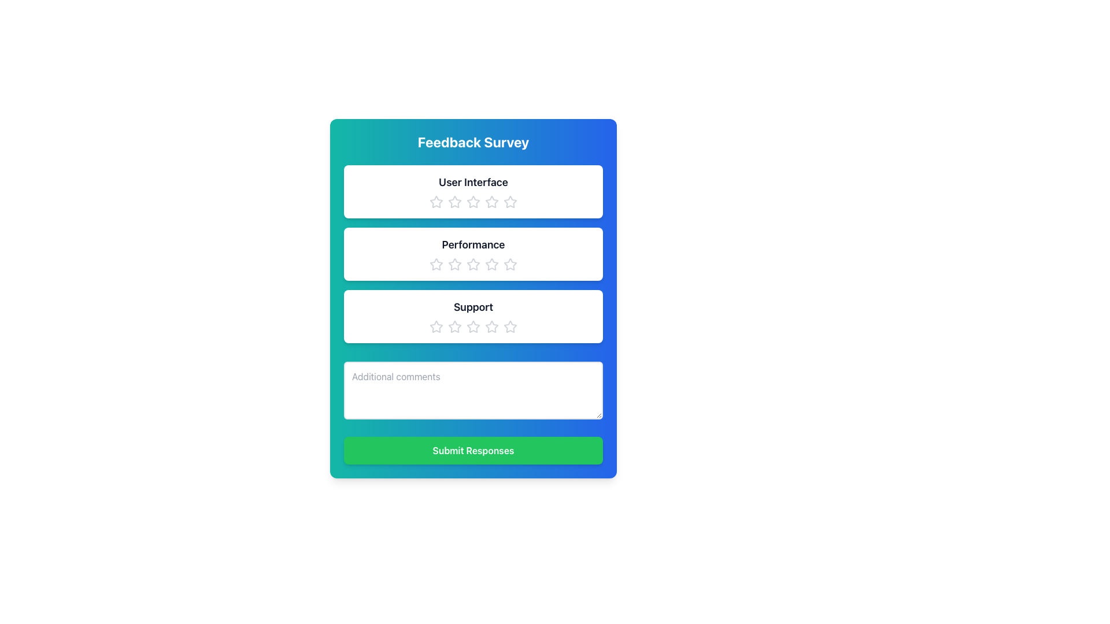  Describe the element at coordinates (454, 264) in the screenshot. I see `the second star icon in the 5-point rating scale for the 'Performance' category` at that location.